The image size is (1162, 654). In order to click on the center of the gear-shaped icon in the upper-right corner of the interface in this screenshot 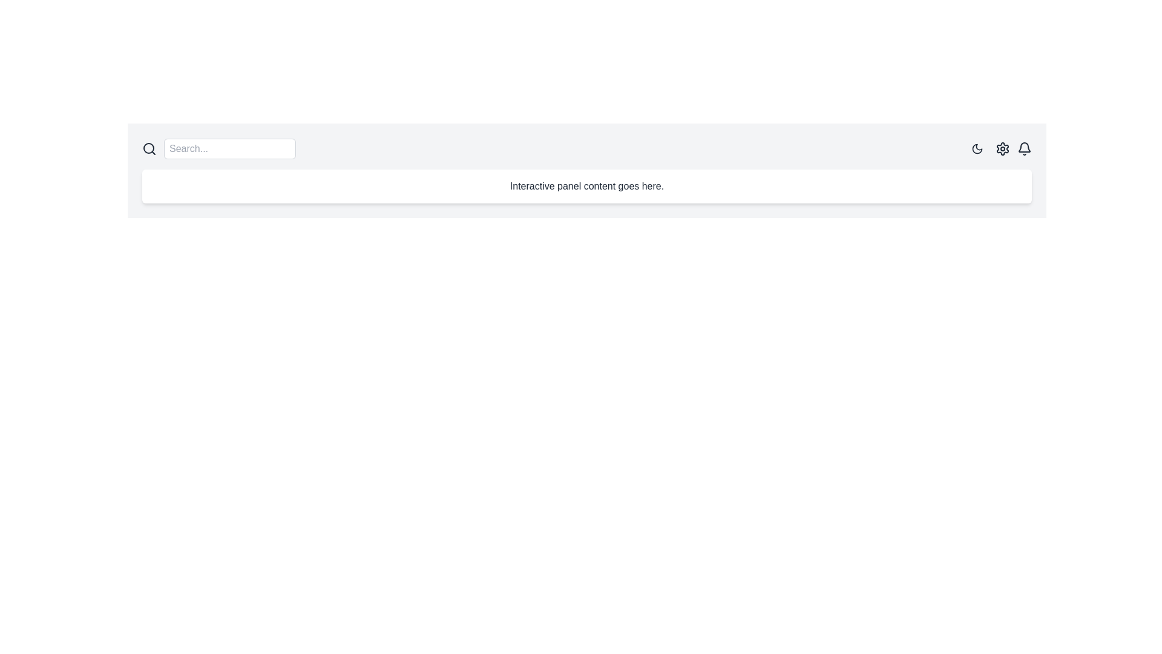, I will do `click(1002, 148)`.